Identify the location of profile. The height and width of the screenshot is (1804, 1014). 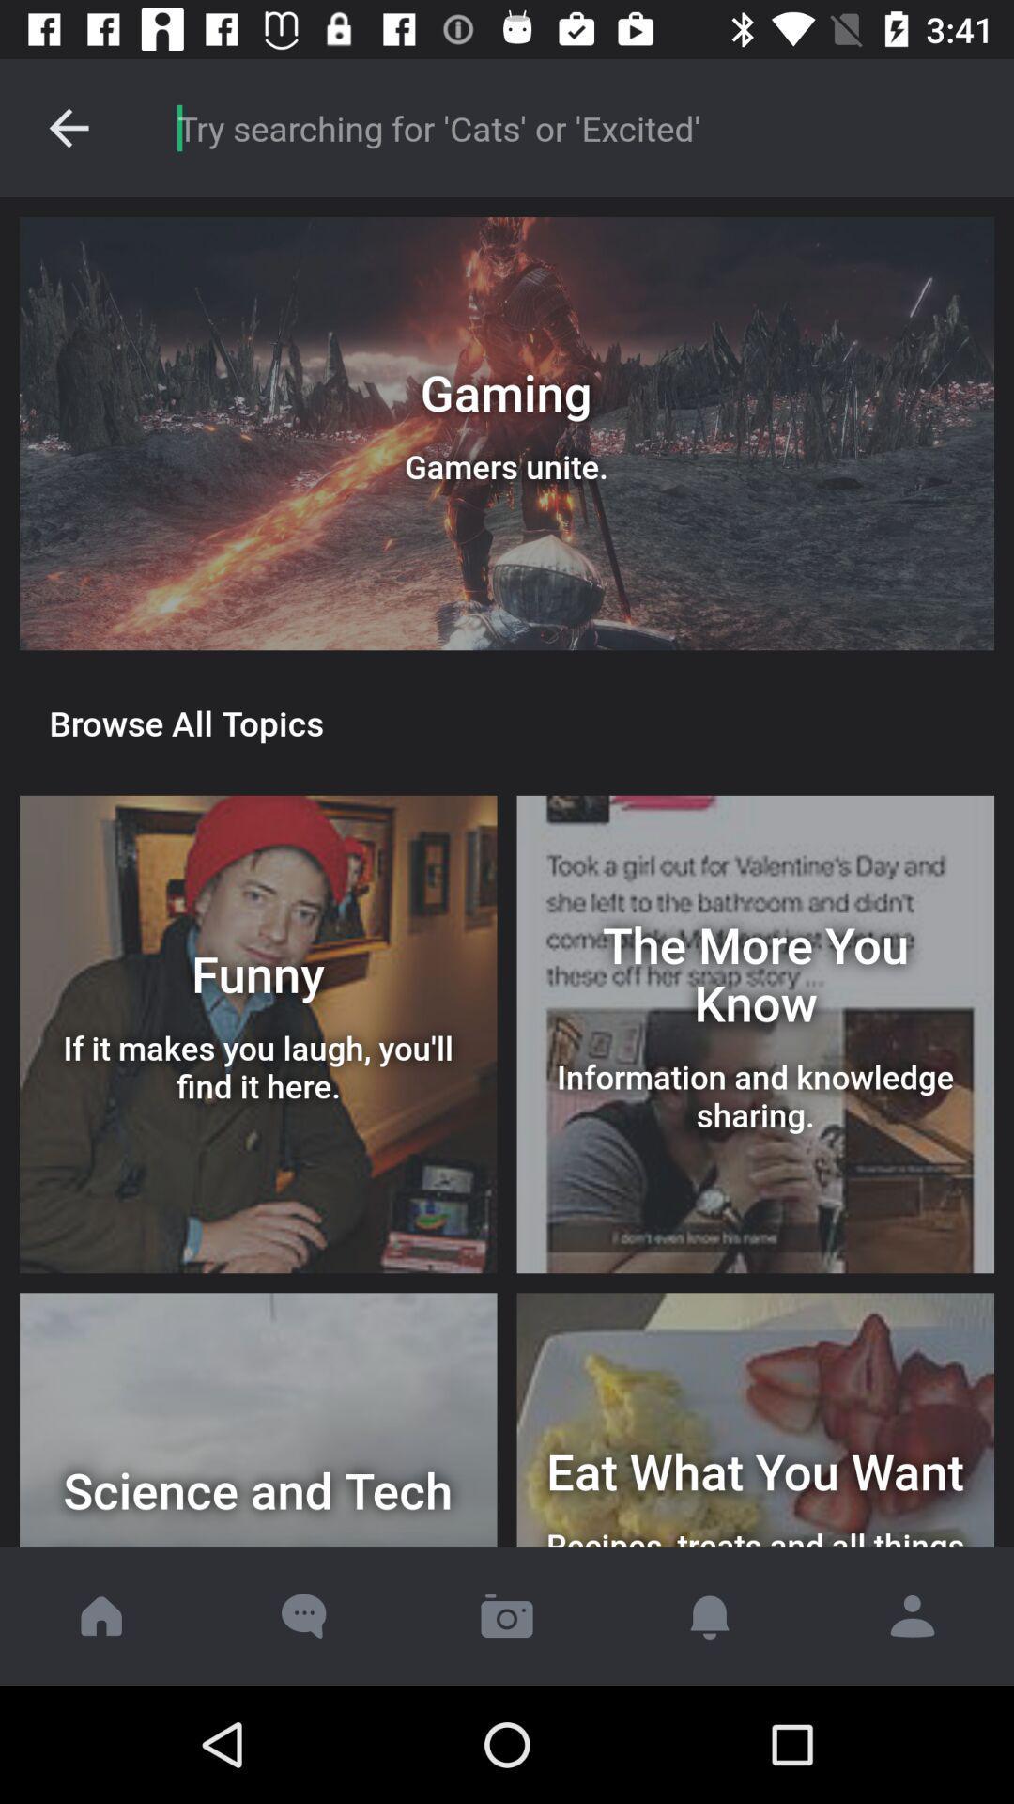
(912, 1615).